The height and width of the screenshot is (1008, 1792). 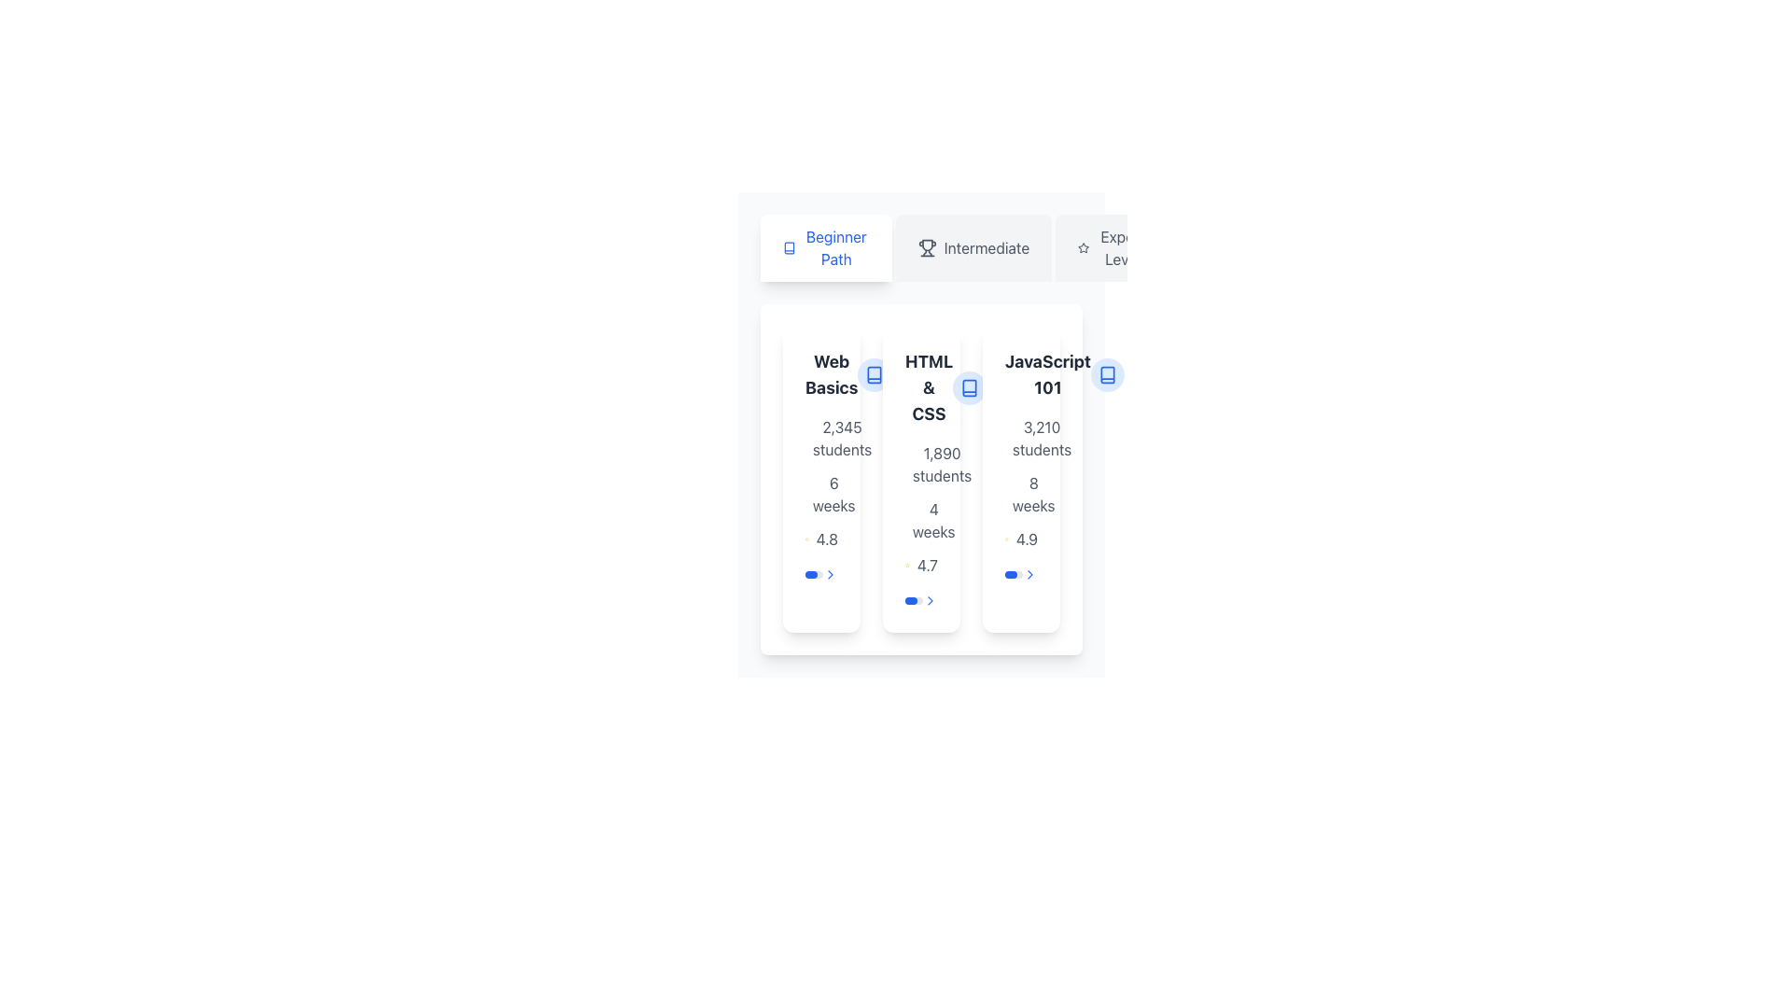 What do you see at coordinates (930, 601) in the screenshot?
I see `the chevron icon located on the right side of the horizontal layout with a progress bar indicating 70% progress for visual feedback` at bounding box center [930, 601].